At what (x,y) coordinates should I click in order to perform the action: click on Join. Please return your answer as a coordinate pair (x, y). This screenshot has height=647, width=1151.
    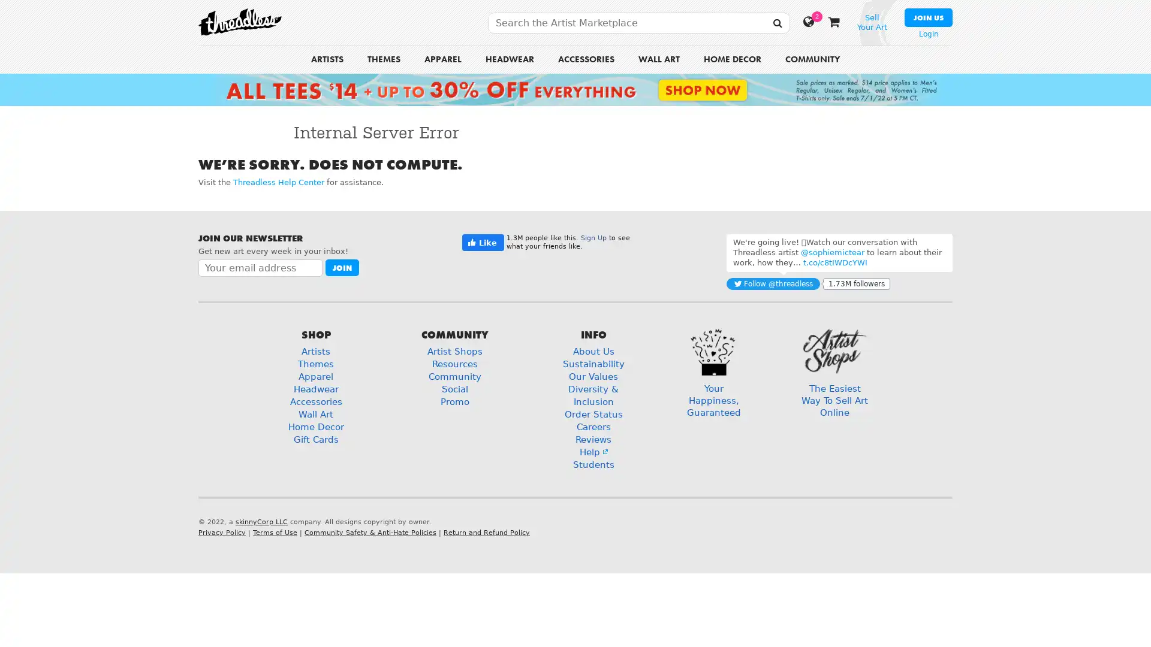
    Looking at the image, I should click on (342, 267).